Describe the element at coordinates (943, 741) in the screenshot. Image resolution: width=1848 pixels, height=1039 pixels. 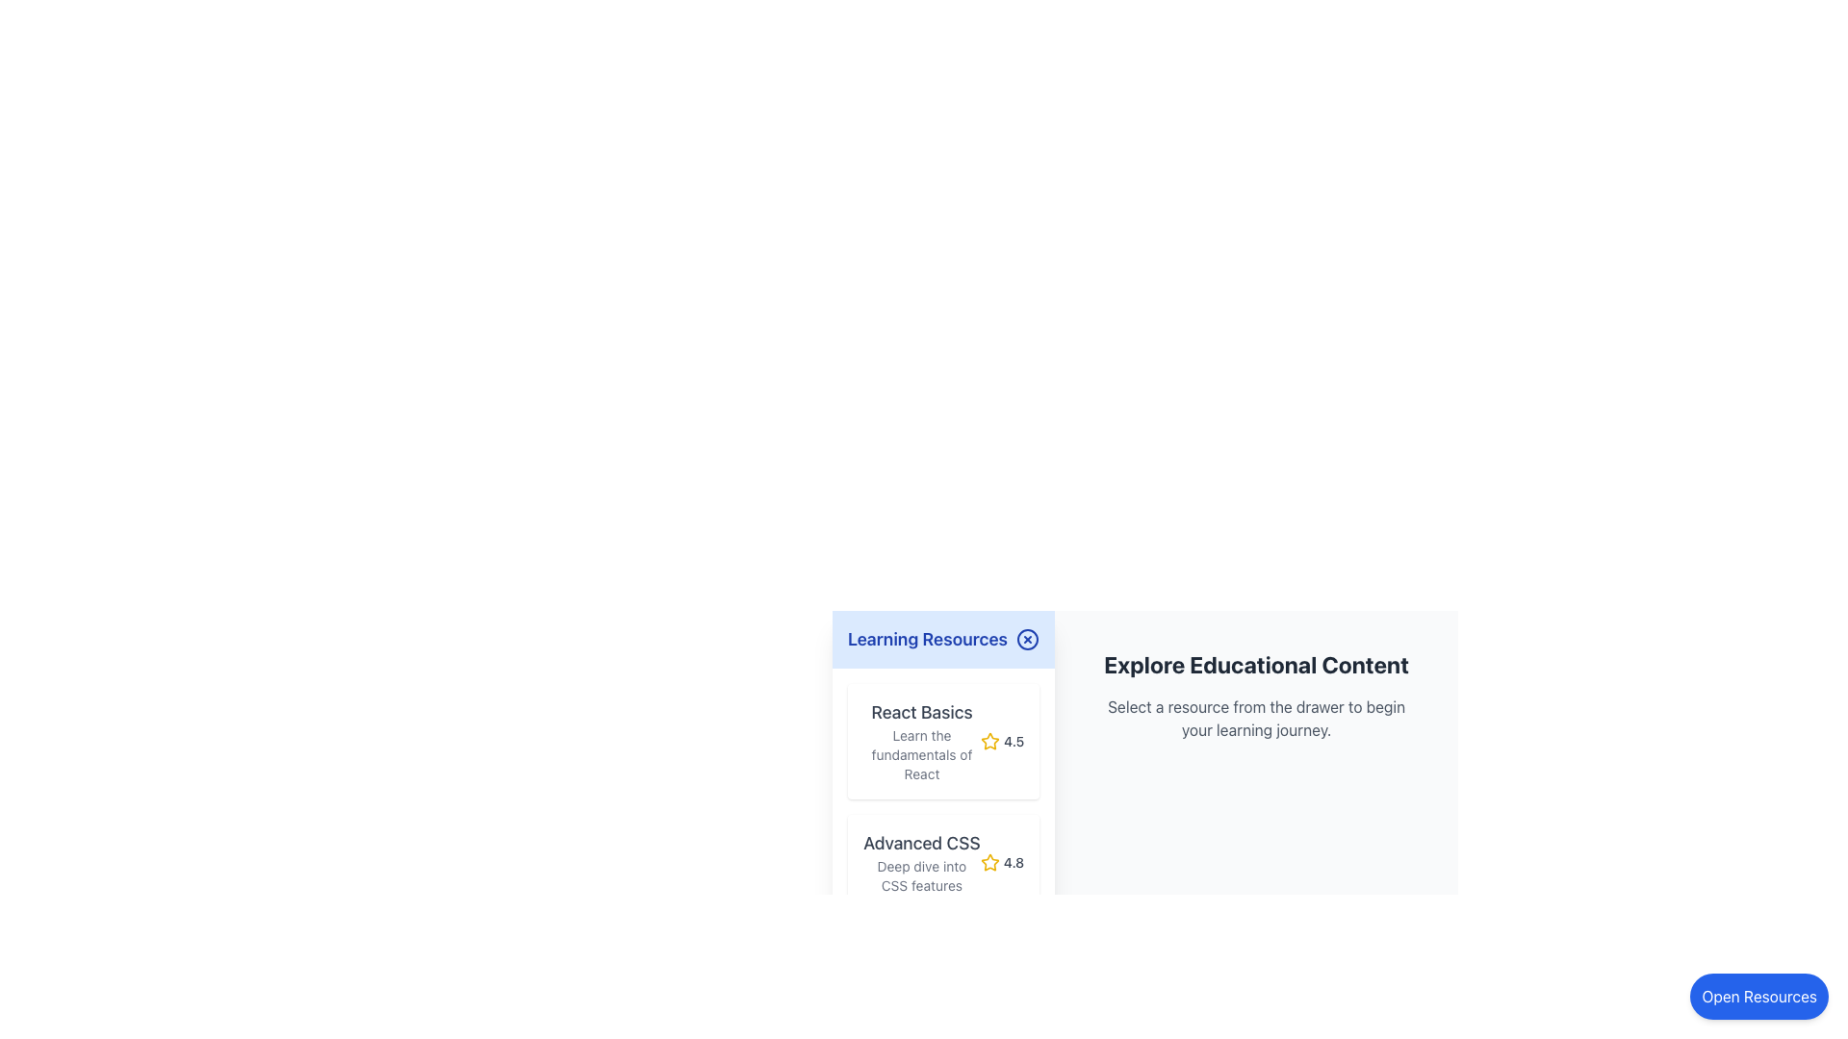
I see `the card titled 'React Basics' which displays a rating of '4.5' and is the first in the stack of learning resources` at that location.